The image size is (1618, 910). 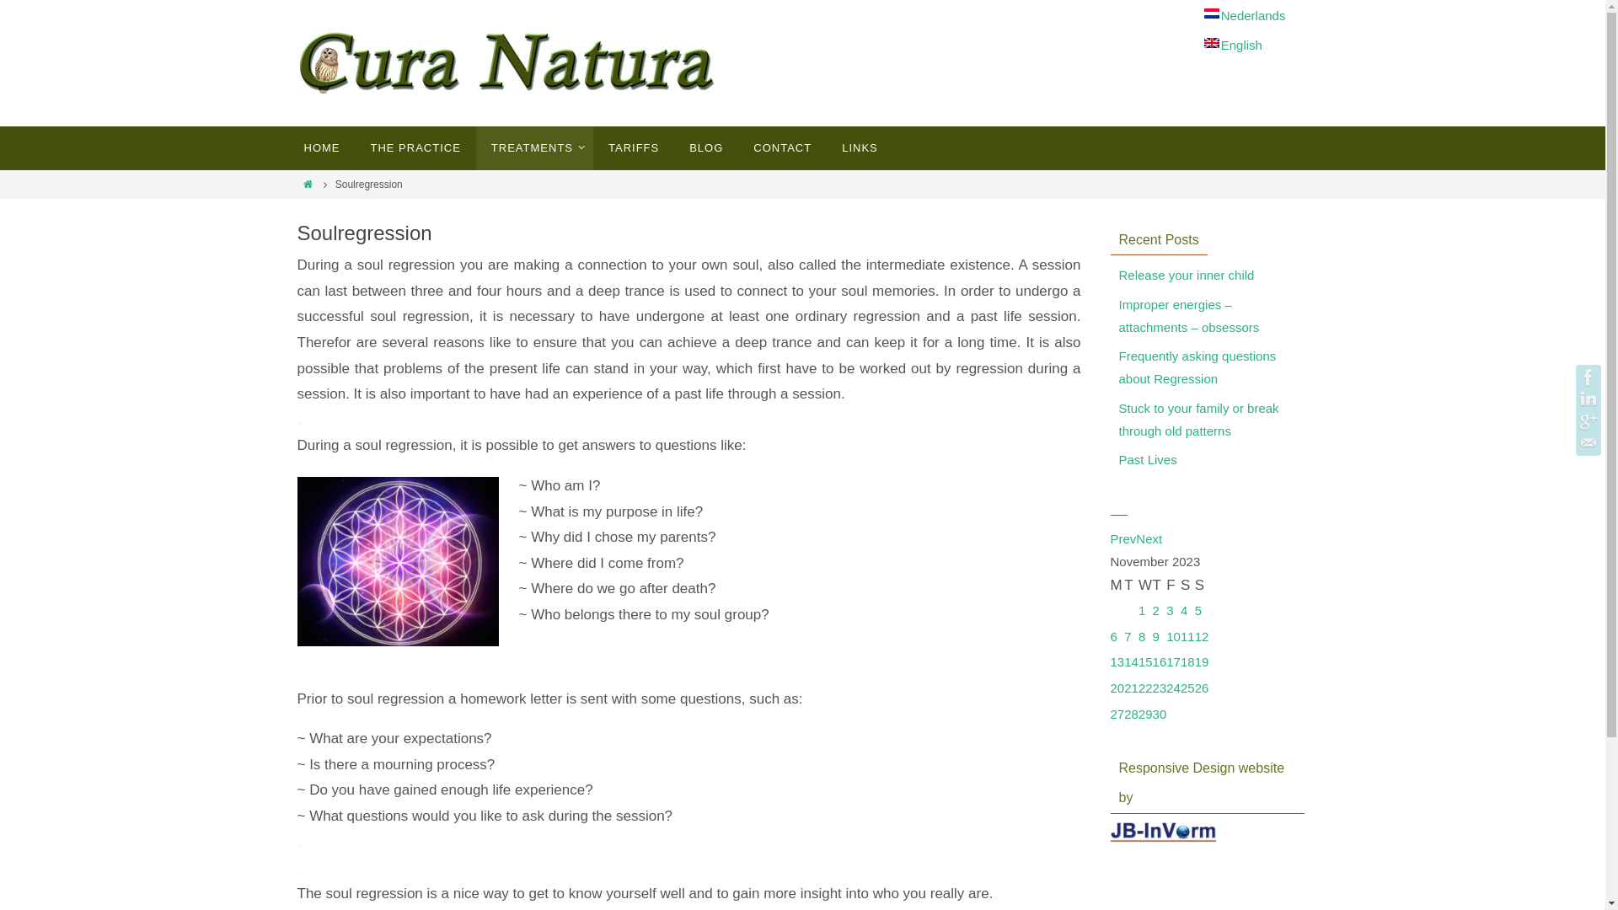 What do you see at coordinates (1575, 442) in the screenshot?
I see `'E-mail'` at bounding box center [1575, 442].